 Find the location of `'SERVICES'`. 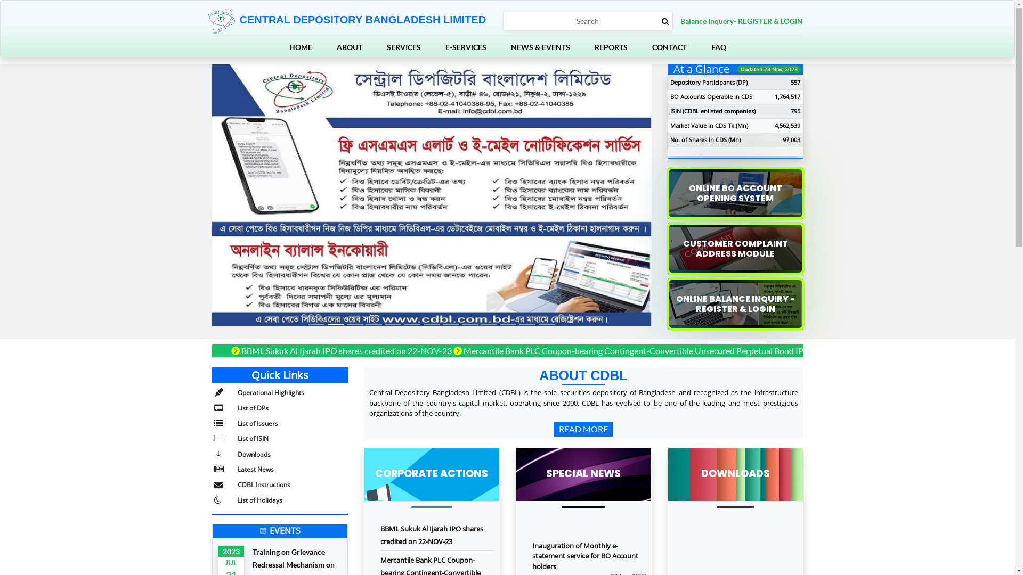

'SERVICES' is located at coordinates (403, 46).